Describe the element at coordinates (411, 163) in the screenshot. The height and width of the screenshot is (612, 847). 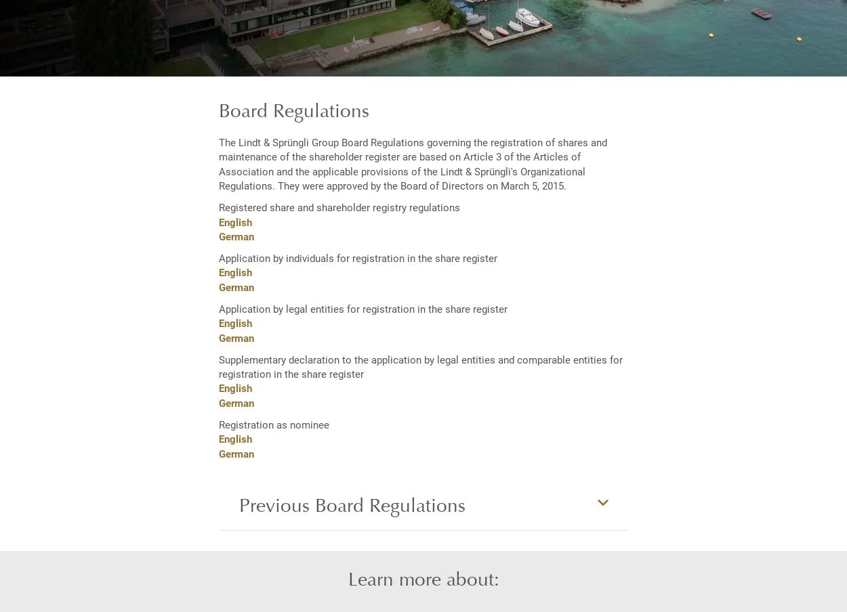
I see `'The Lindt & Sprüngli Group Board Regulations governing the registration of shares and maintenance of the shareholder register are based on Article 3 of the Articles of Association and the applicable provisions of the Lindt & Sprüngli's Organizational Regulations. They were approved by the Board of Directors on March 5, 2015.'` at that location.